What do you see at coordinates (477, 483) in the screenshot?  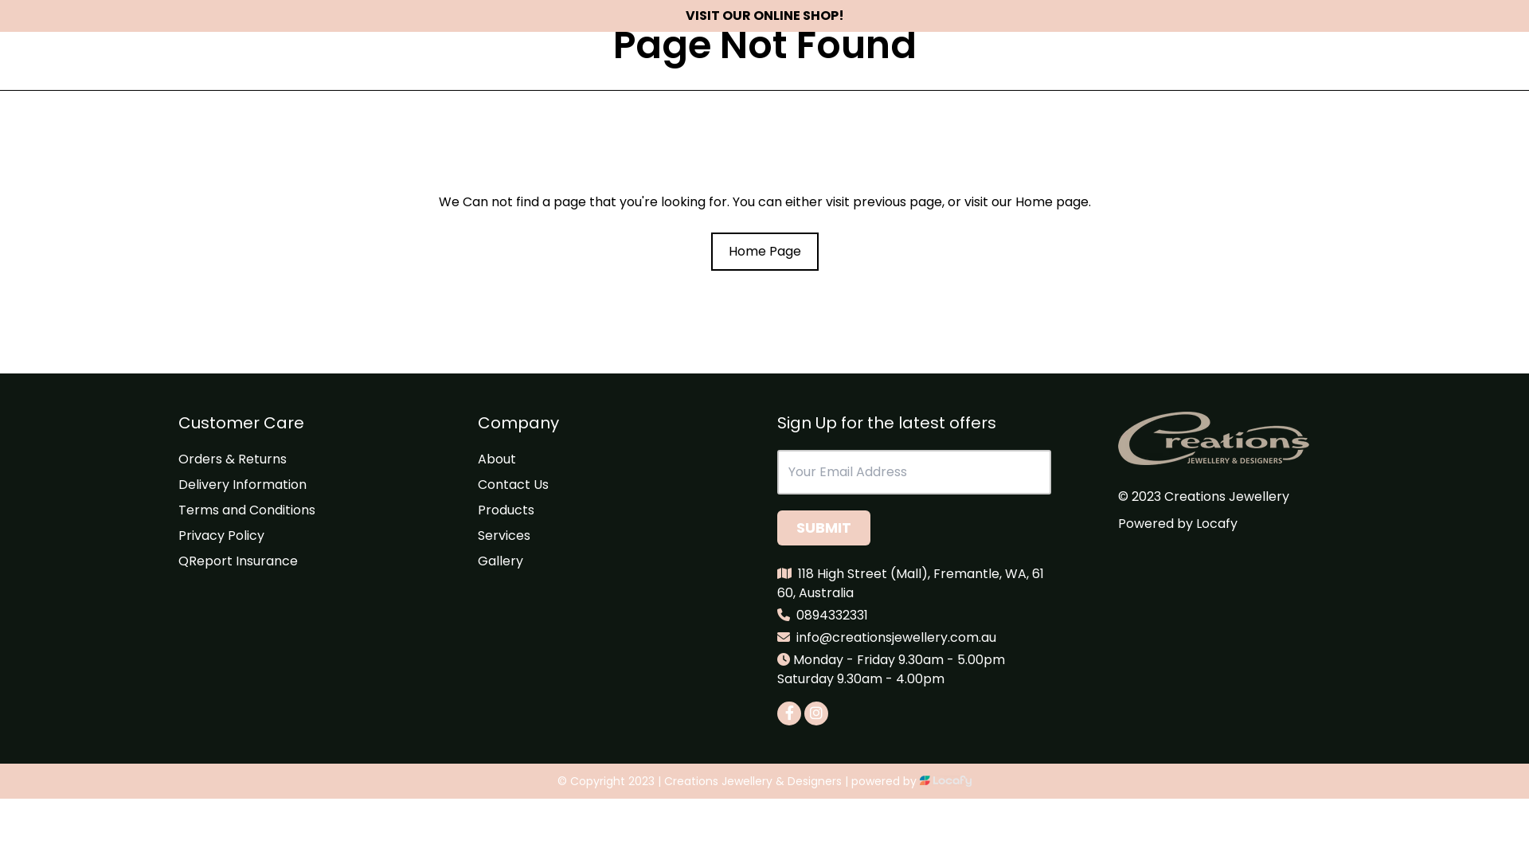 I see `'Contact Us'` at bounding box center [477, 483].